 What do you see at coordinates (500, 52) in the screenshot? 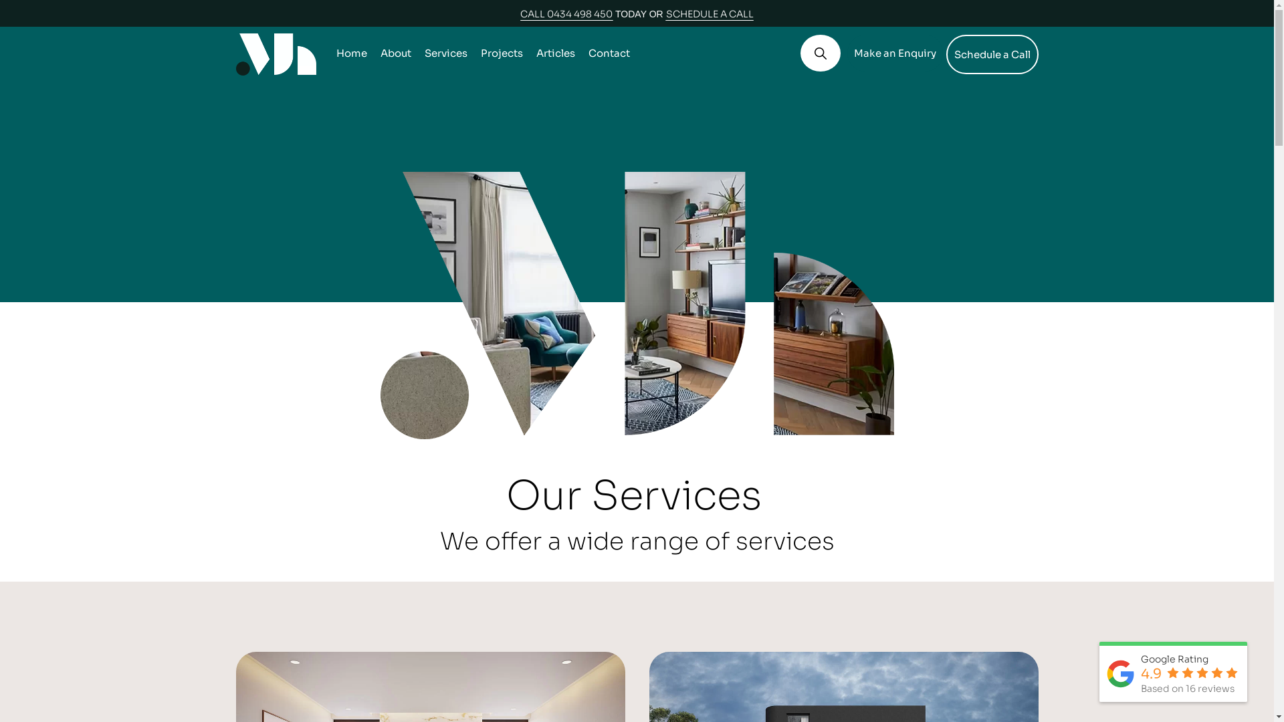
I see `'Projects'` at bounding box center [500, 52].